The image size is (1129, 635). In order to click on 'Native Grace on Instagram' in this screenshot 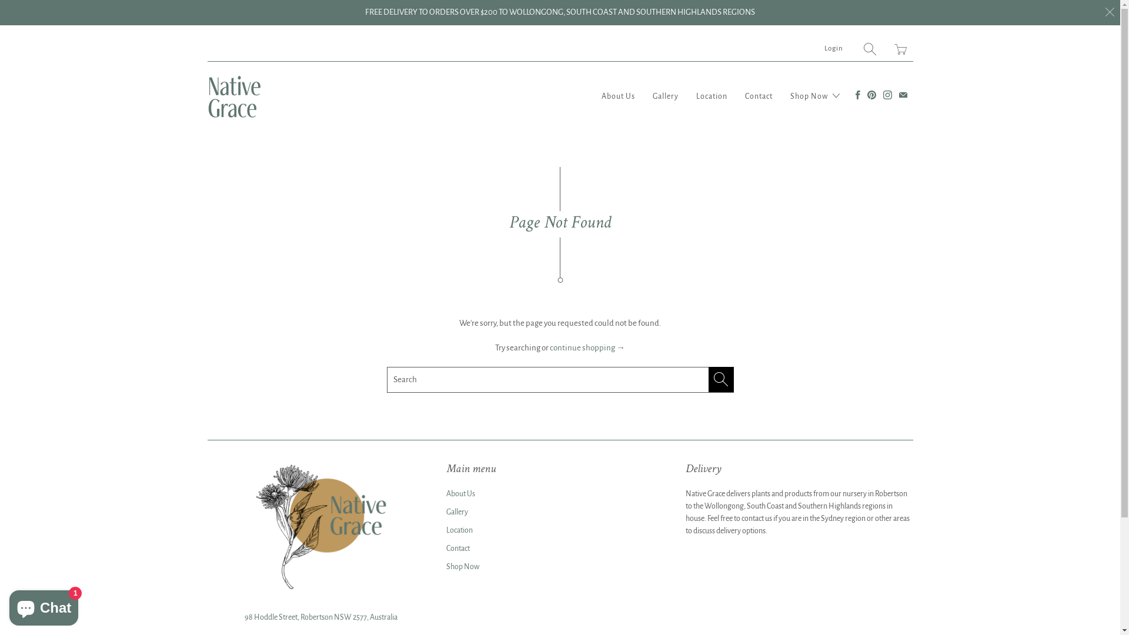, I will do `click(887, 94)`.